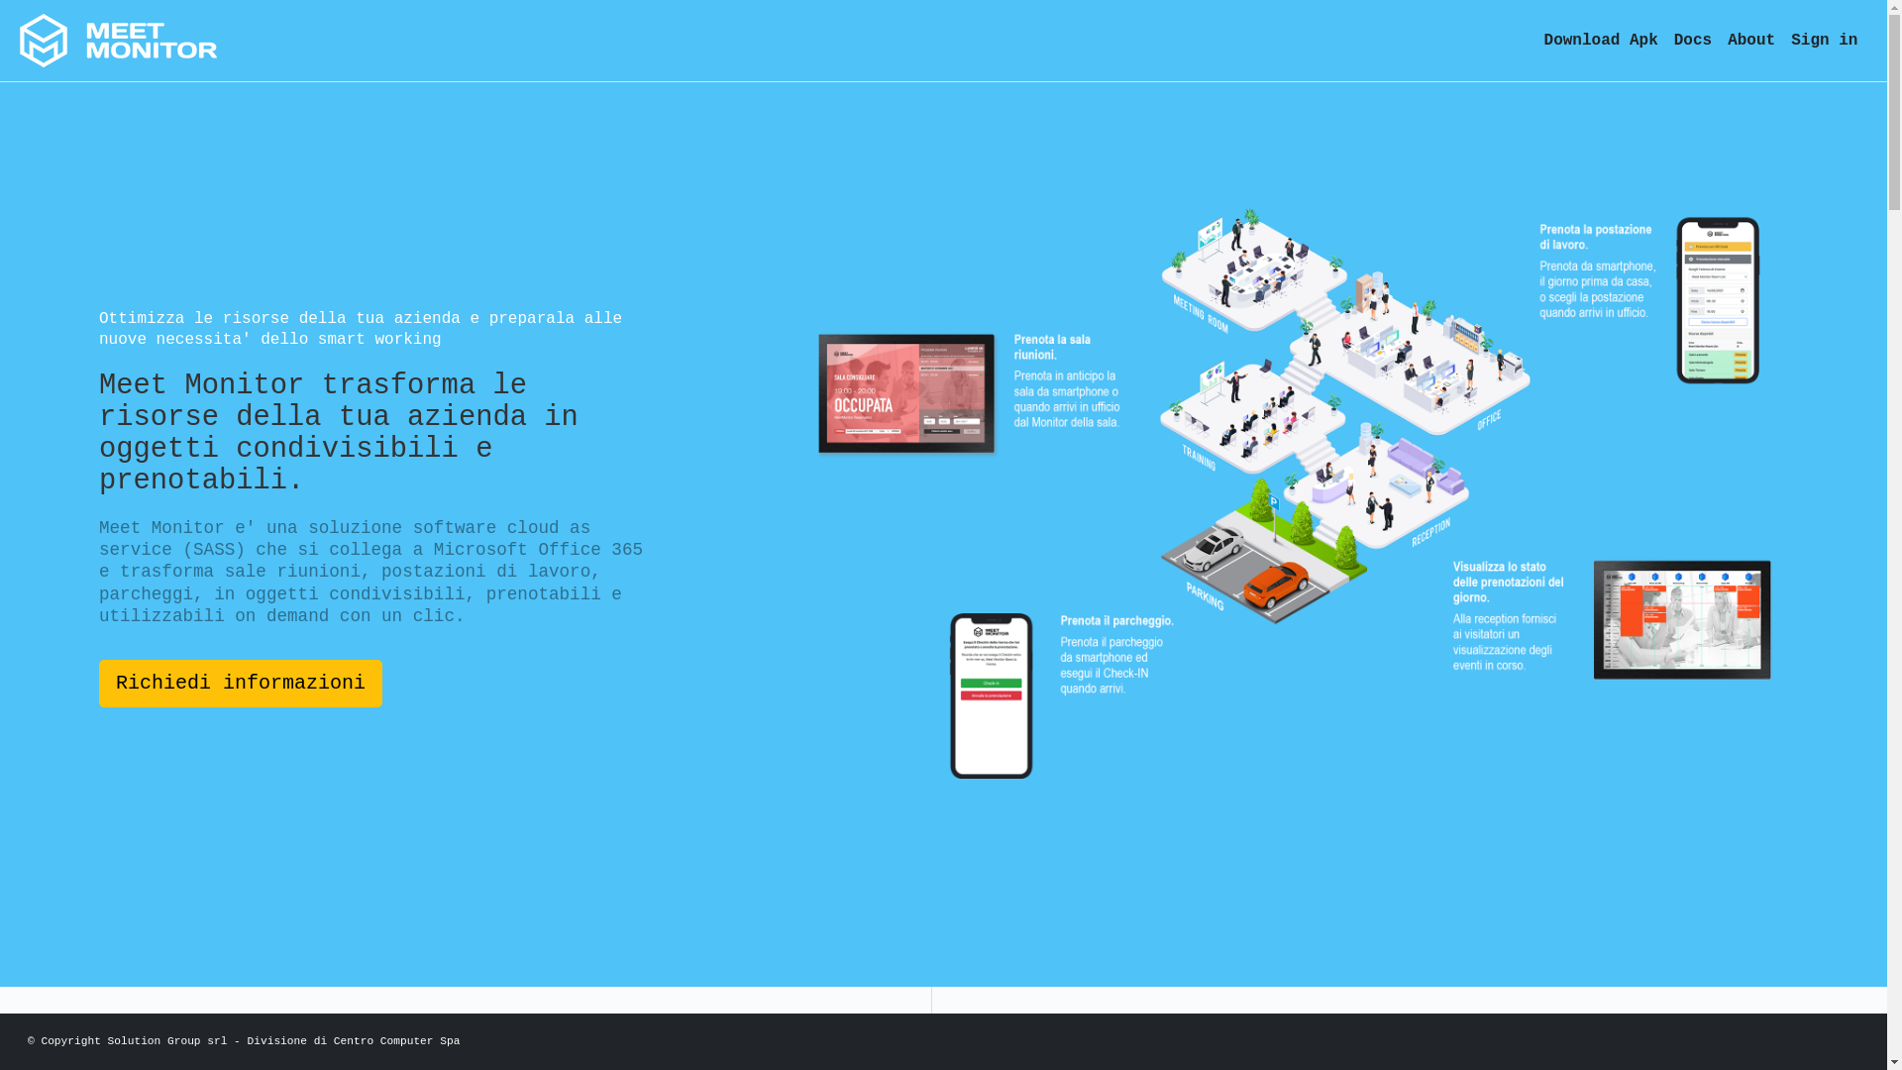  Describe the element at coordinates (1828, 41) in the screenshot. I see `'Sign in '` at that location.